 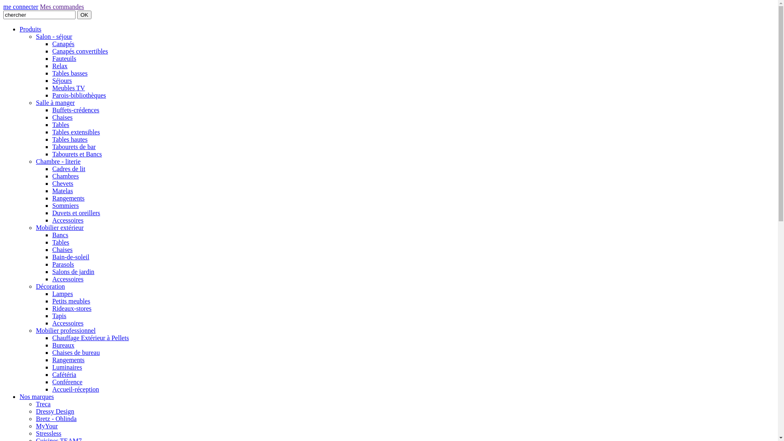 I want to click on 'Lampes', so click(x=62, y=293).